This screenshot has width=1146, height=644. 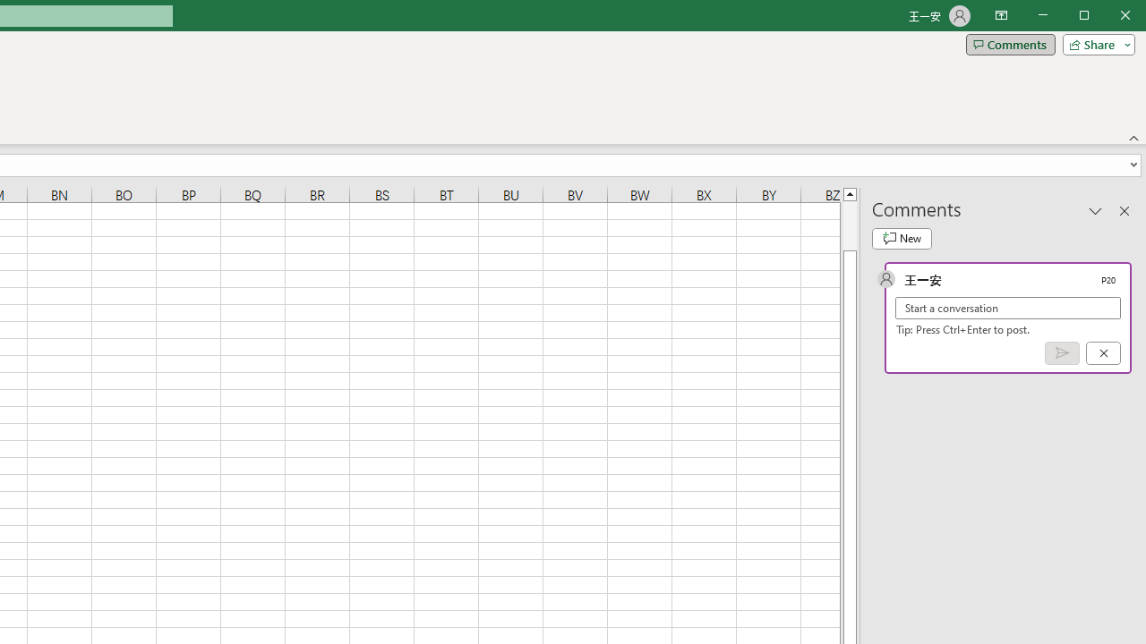 I want to click on 'Post comment (Ctrl + Enter)', so click(x=1062, y=353).